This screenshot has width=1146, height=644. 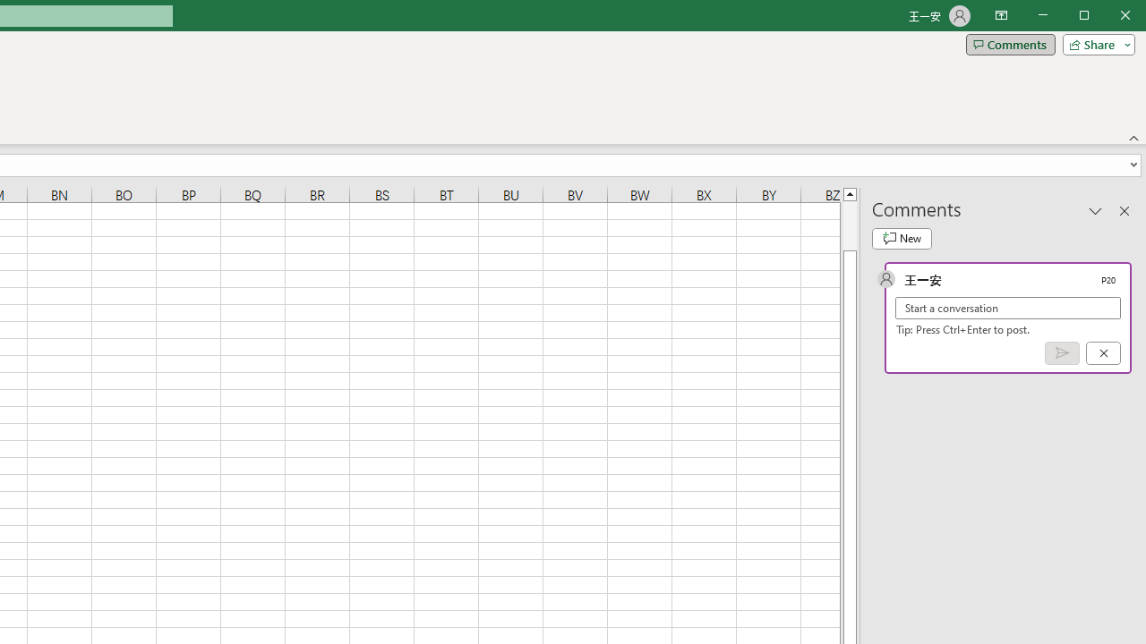 I want to click on 'Post comment (Ctrl + Enter)', so click(x=1062, y=353).